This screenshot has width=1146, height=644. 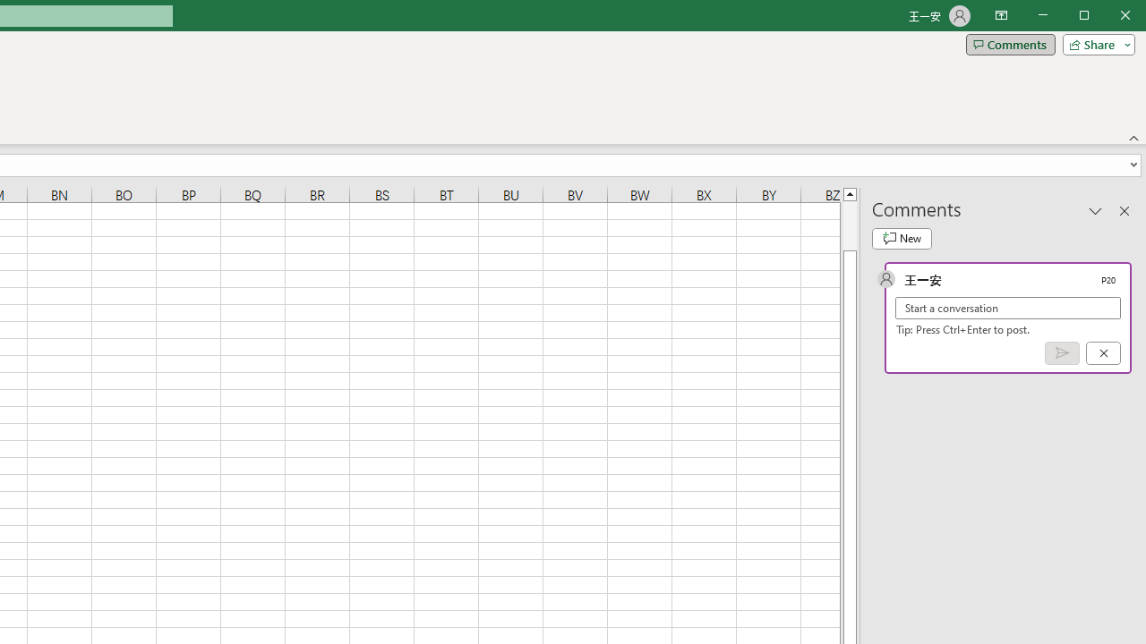 I want to click on 'Post comment (Ctrl + Enter)', so click(x=1062, y=353).